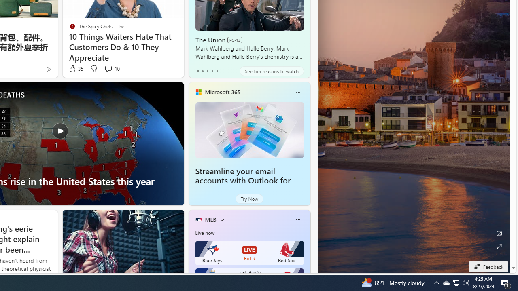 This screenshot has height=291, width=518. Describe the element at coordinates (207, 71) in the screenshot. I see `'tab-2'` at that location.